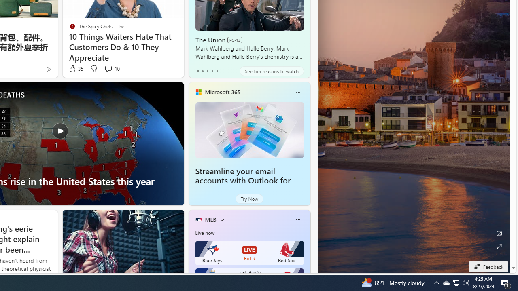 This screenshot has height=291, width=518. Describe the element at coordinates (207, 71) in the screenshot. I see `'tab-2'` at that location.